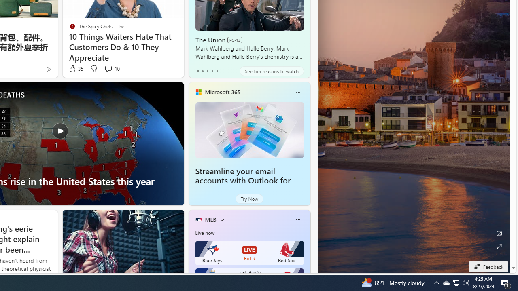 This screenshot has height=291, width=518. Describe the element at coordinates (207, 71) in the screenshot. I see `'tab-2'` at that location.